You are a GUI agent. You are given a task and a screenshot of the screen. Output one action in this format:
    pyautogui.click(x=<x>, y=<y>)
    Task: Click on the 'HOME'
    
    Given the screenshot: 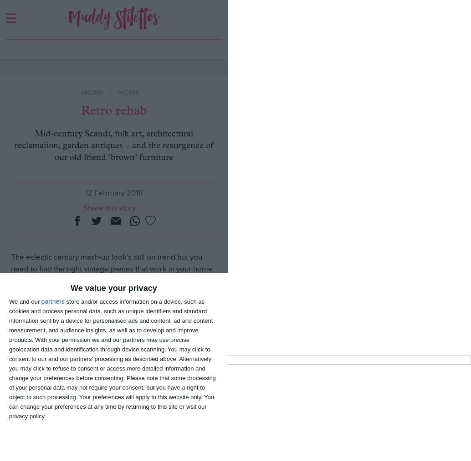 What is the action you would take?
    pyautogui.click(x=128, y=92)
    